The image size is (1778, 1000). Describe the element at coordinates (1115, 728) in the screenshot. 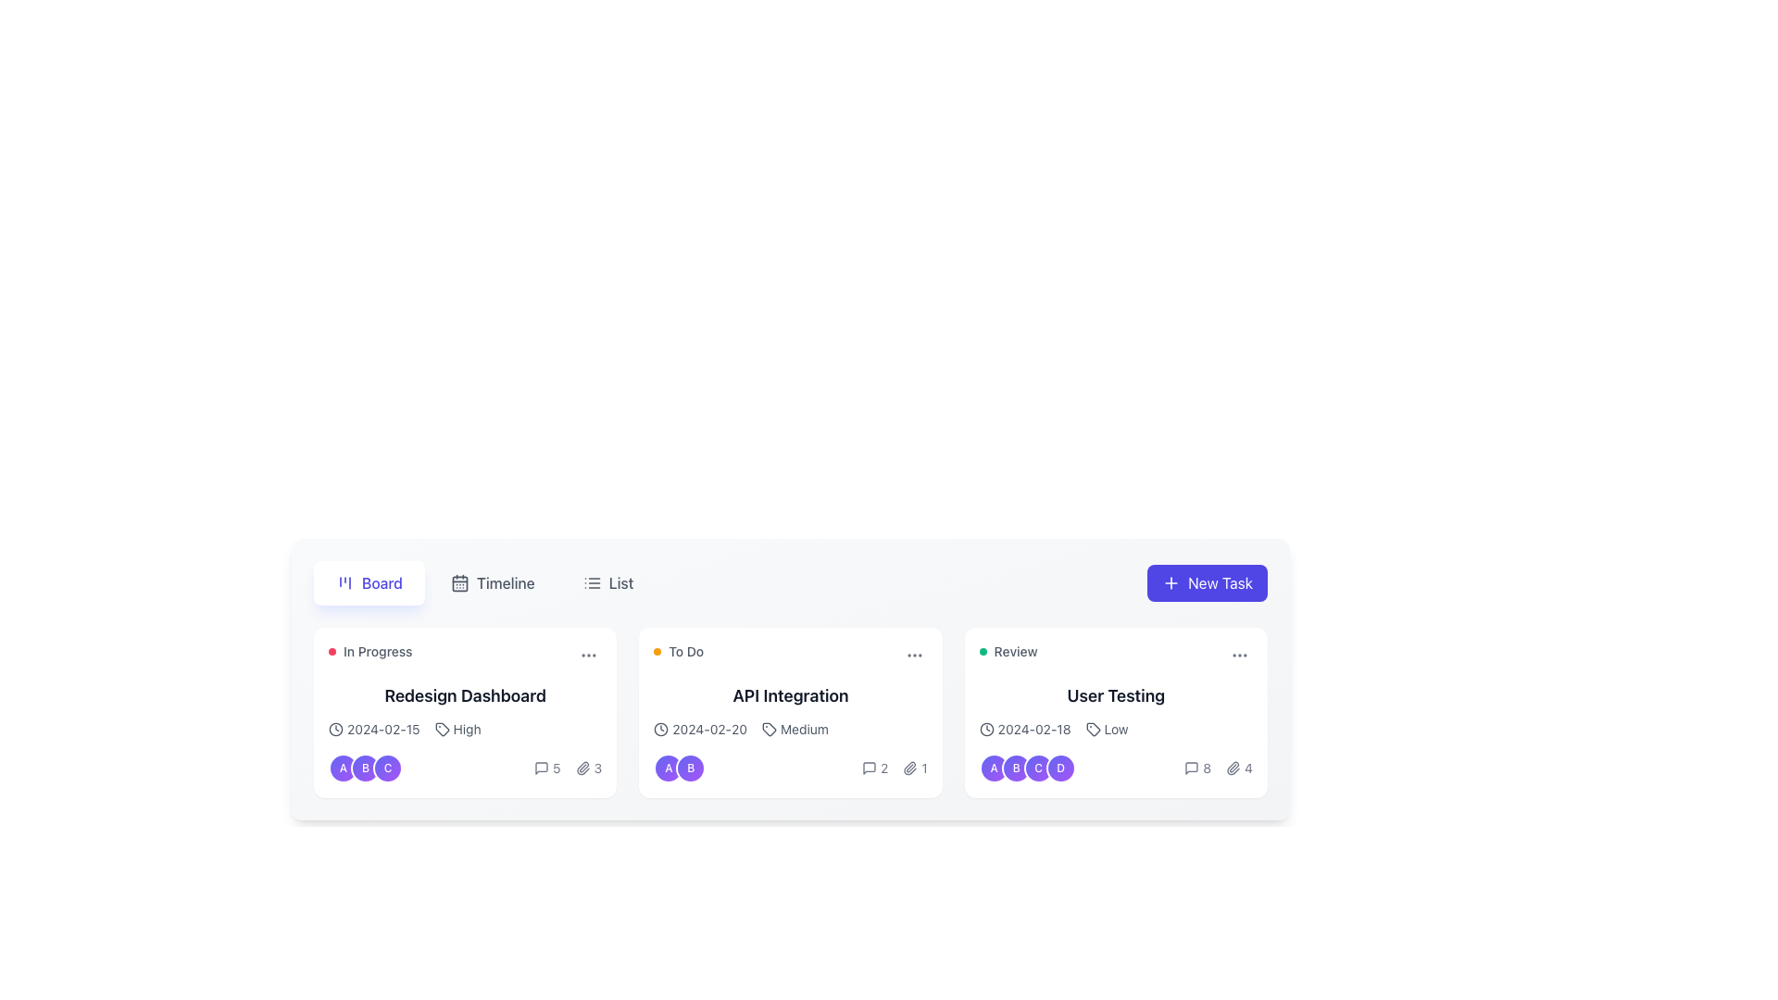

I see `details displayed in the textual information panel for the 'User Testing' task, which shows the deadline '2024-02-18' and priority 'Low'` at that location.